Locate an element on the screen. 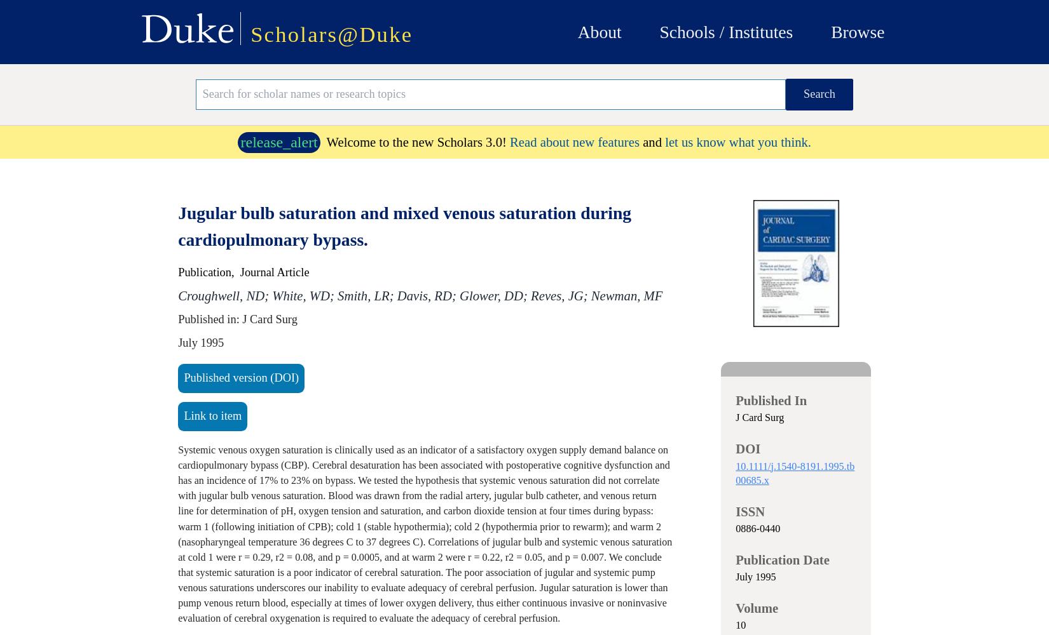 The width and height of the screenshot is (1049, 635). 'Browse' is located at coordinates (857, 31).